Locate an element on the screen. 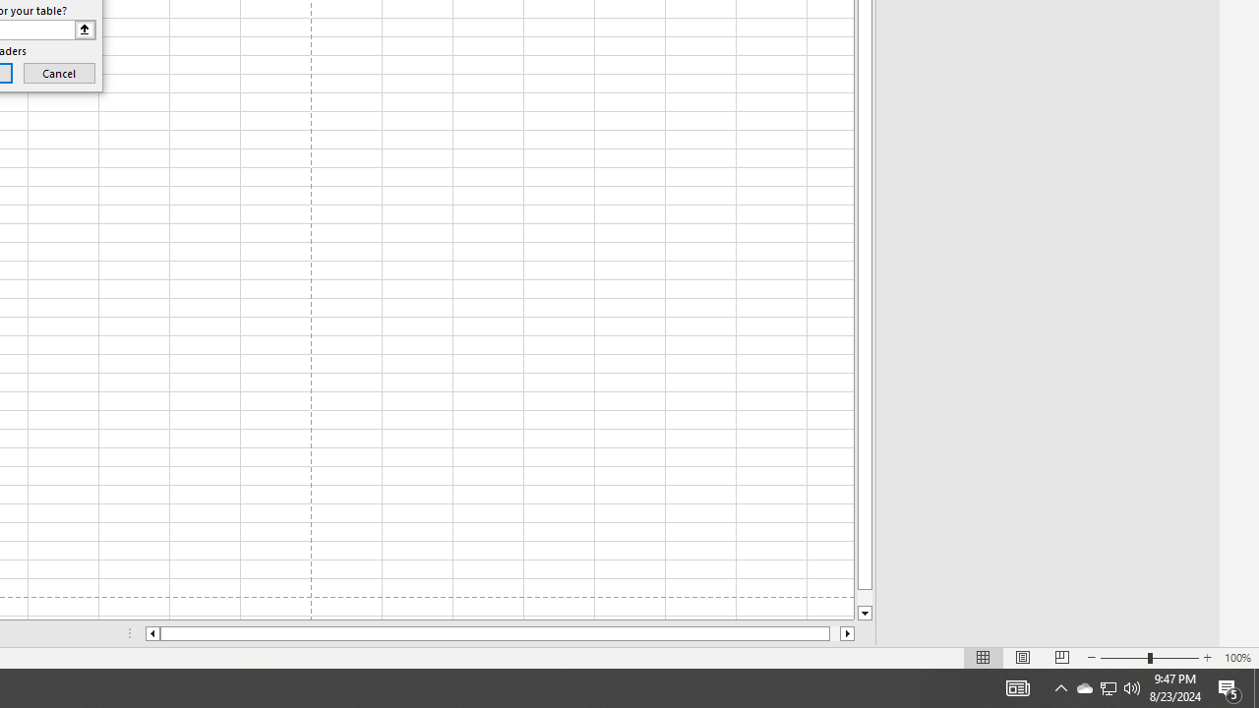 The image size is (1259, 708). 'Page right' is located at coordinates (834, 633).